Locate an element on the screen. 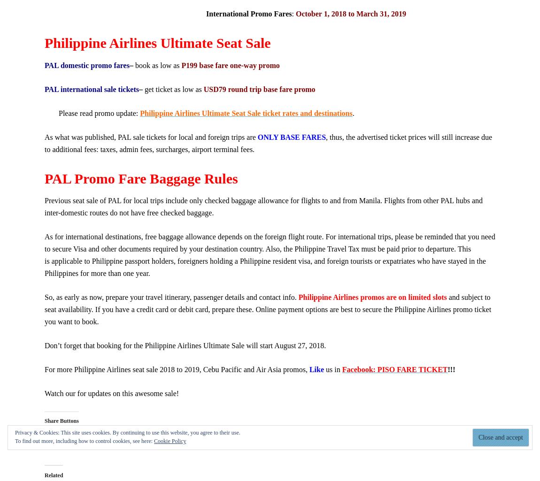 This screenshot has width=540, height=481. 'Cookie Policy' is located at coordinates (170, 441).